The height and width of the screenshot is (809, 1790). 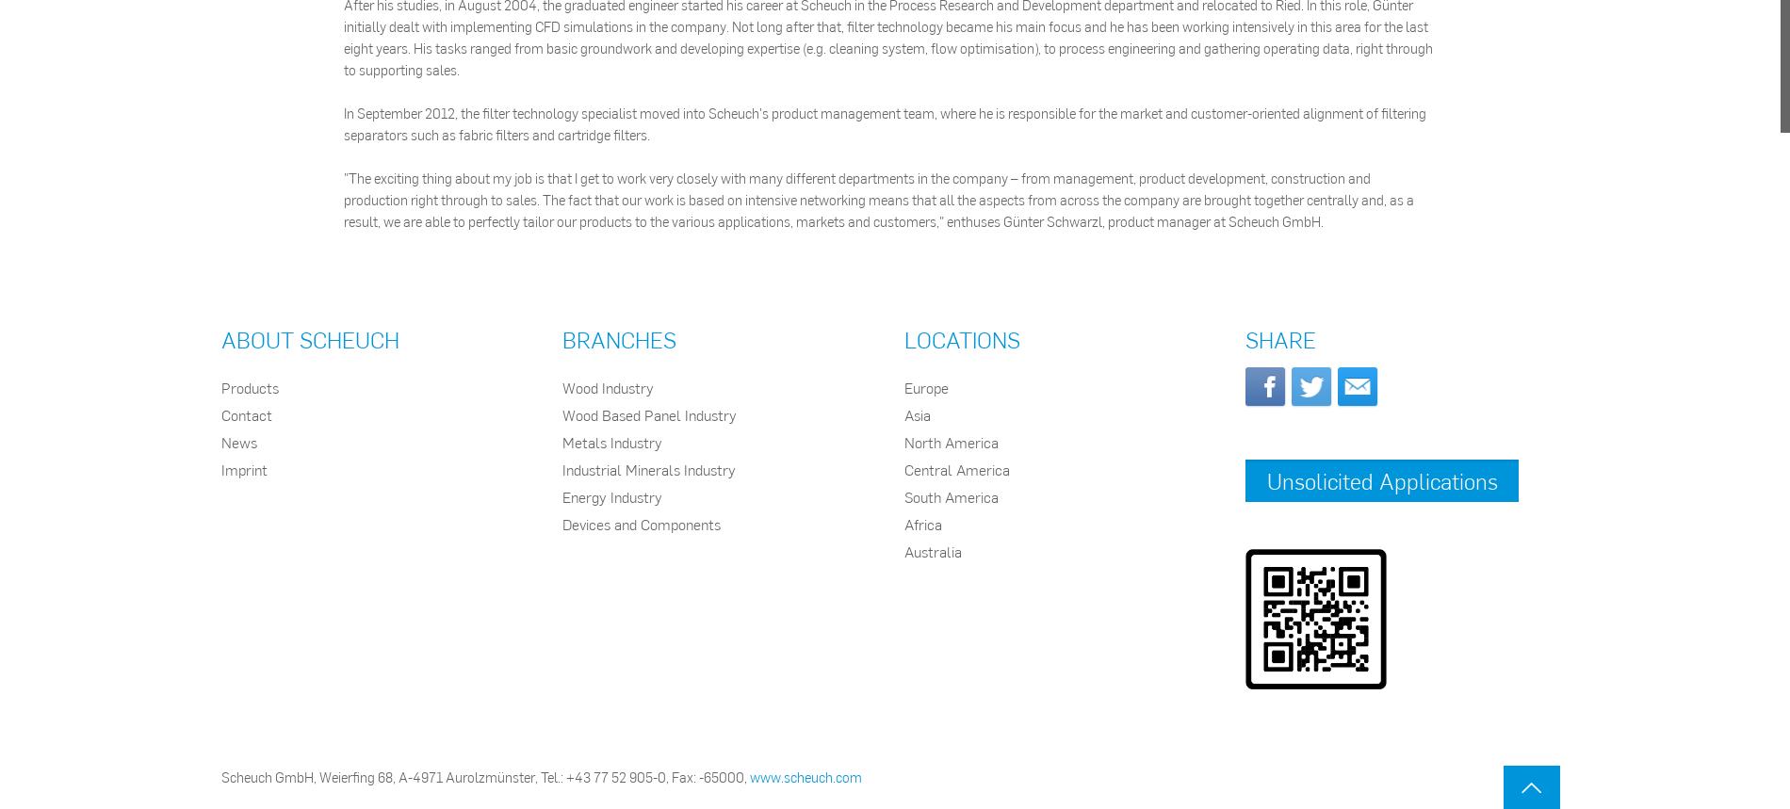 What do you see at coordinates (561, 495) in the screenshot?
I see `'Energy Industry'` at bounding box center [561, 495].